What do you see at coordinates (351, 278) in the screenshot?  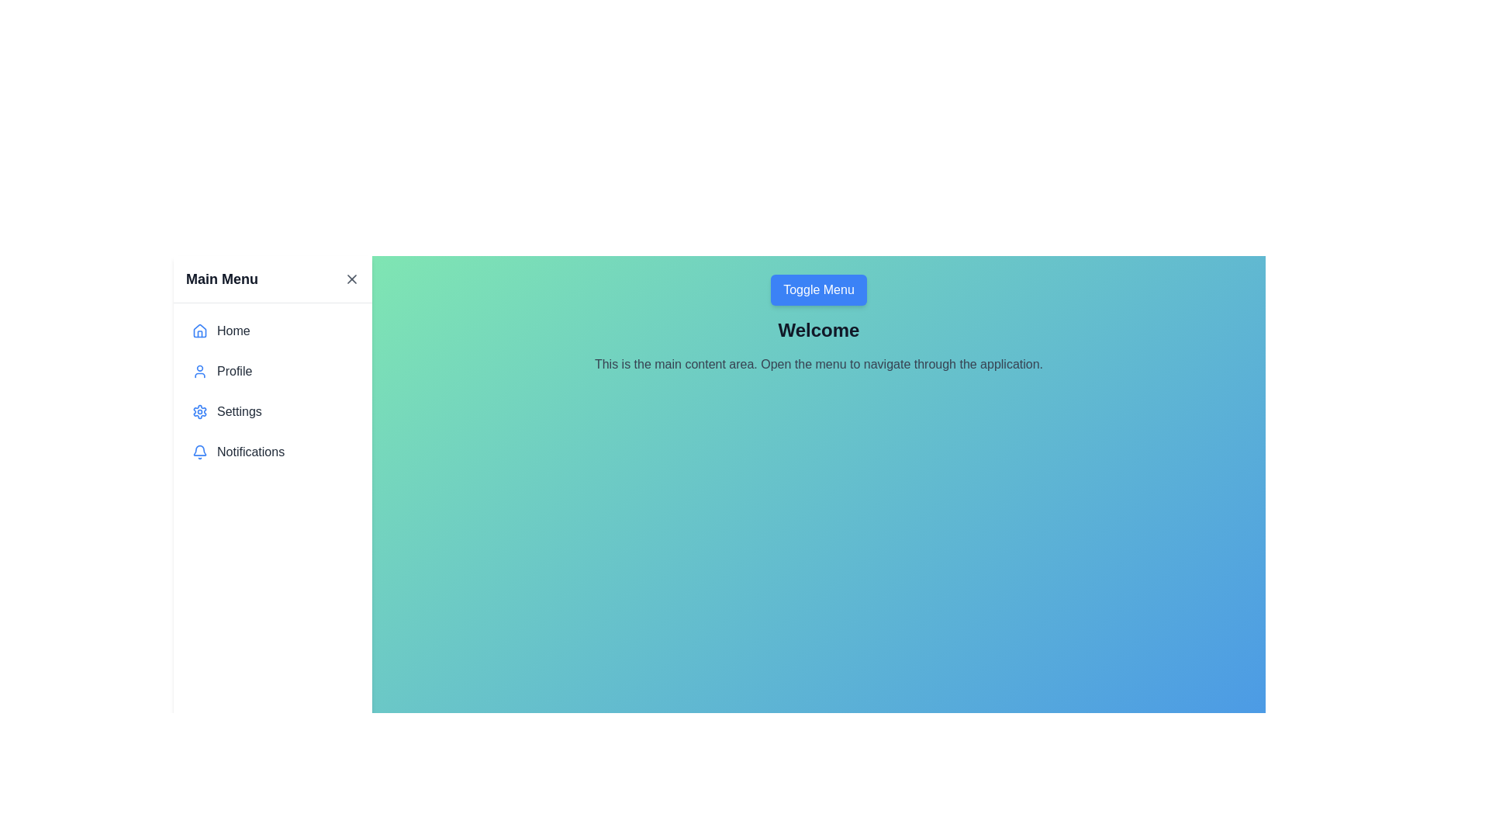 I see `the small gray cross icon located to the right side of the 'Main Menu' header` at bounding box center [351, 278].